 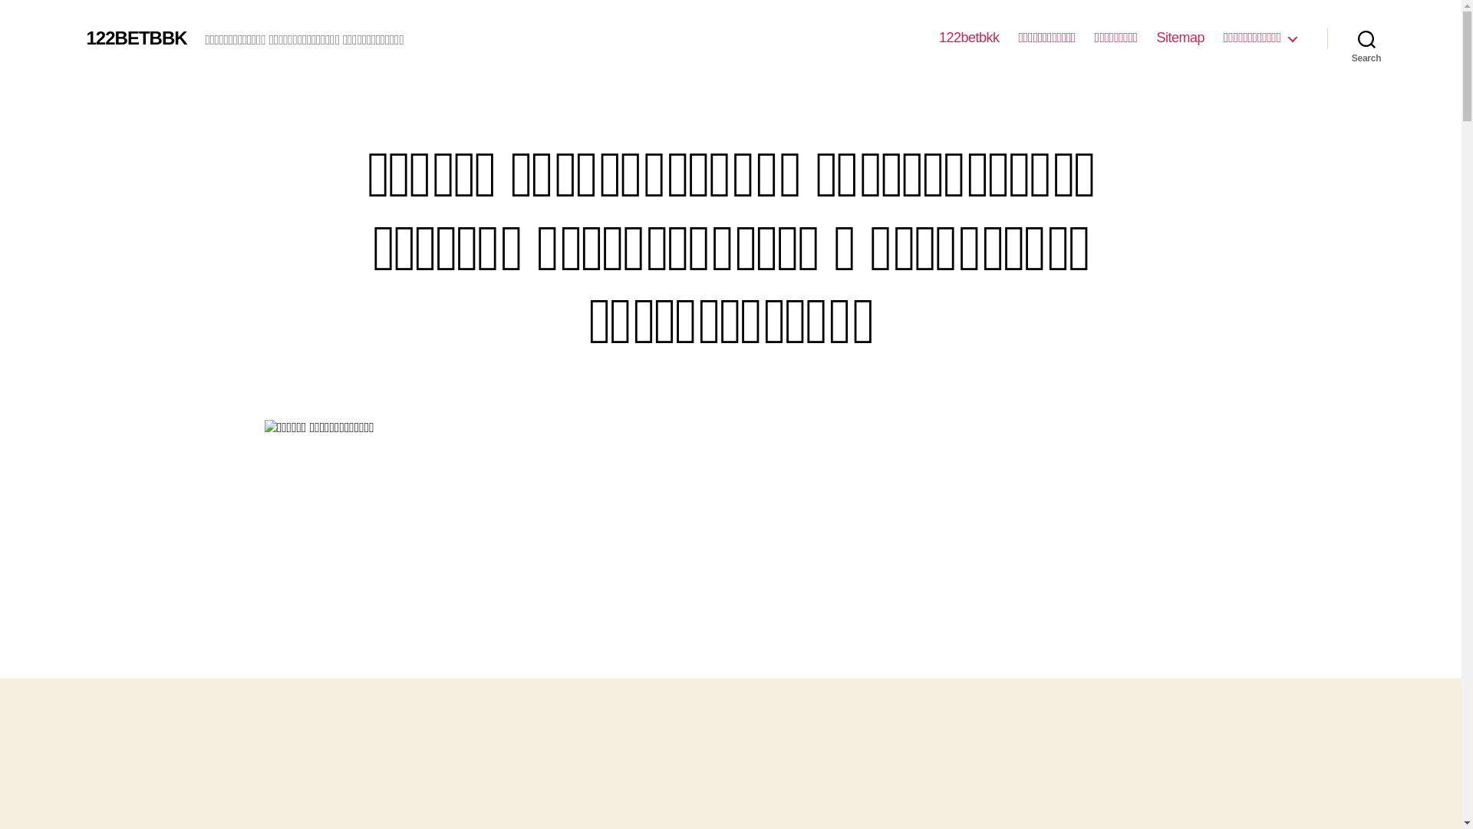 What do you see at coordinates (1180, 38) in the screenshot?
I see `'Sitemap'` at bounding box center [1180, 38].